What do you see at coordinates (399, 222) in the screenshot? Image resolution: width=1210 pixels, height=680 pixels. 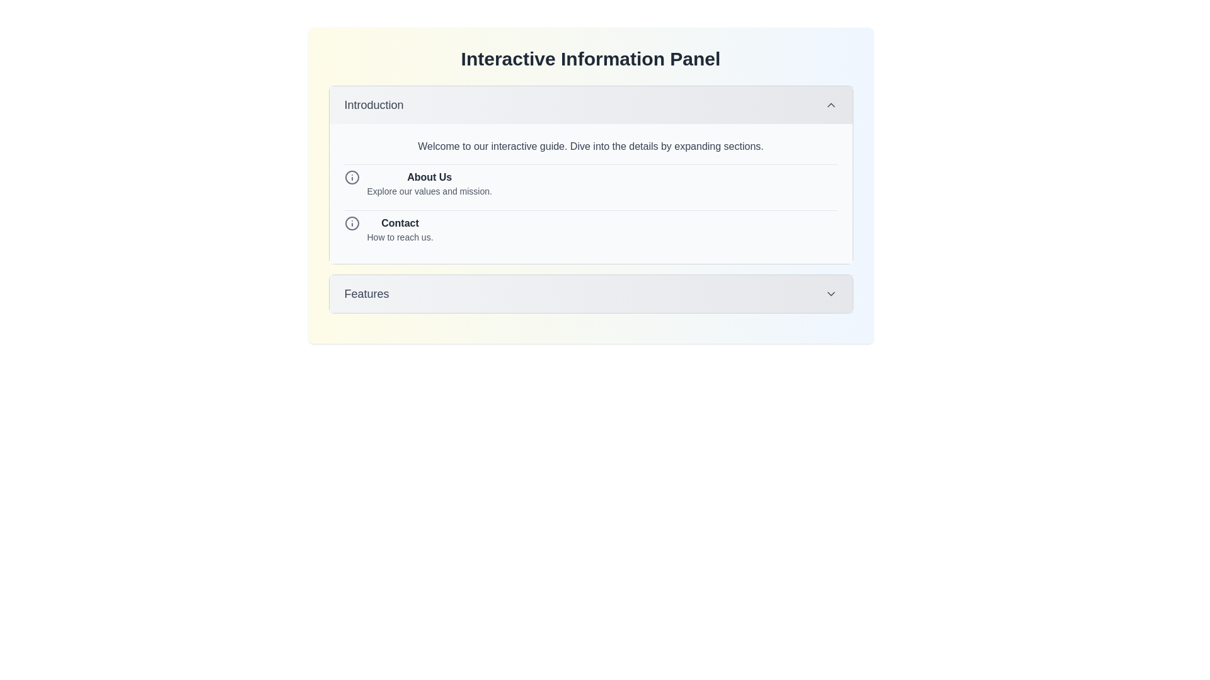 I see `the 'Contact' text label which indicates the section of the interface below the 'About Us' list item in the 'Introduction' section` at bounding box center [399, 222].